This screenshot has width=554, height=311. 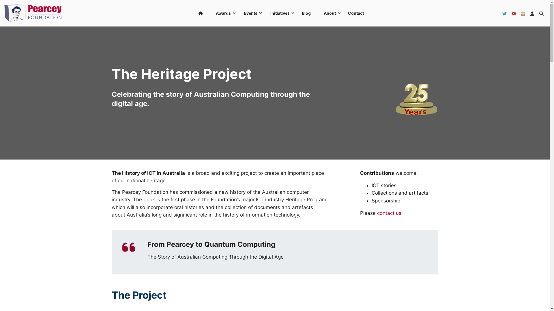 I want to click on 'Search', so click(x=541, y=13).